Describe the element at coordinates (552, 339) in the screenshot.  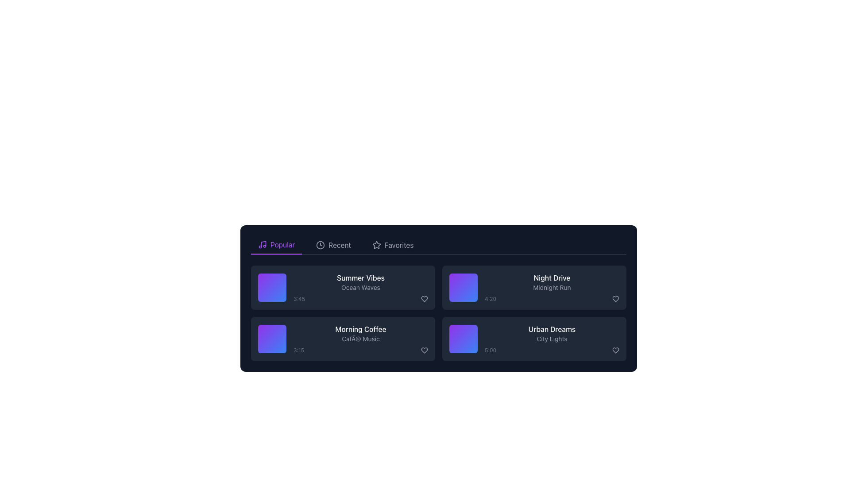
I see `the text label displaying 'City Lights', which is styled in small gray font and positioned within a dark-themed card, located below the title 'Urban Dreams' and above the duration '5:00'` at that location.